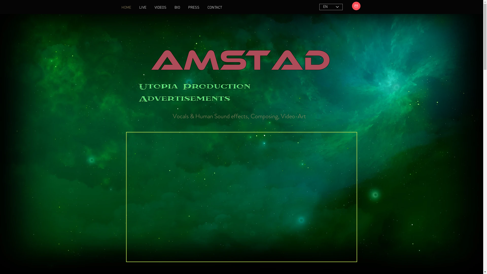 This screenshot has width=487, height=274. I want to click on 'LIVE', so click(142, 8).